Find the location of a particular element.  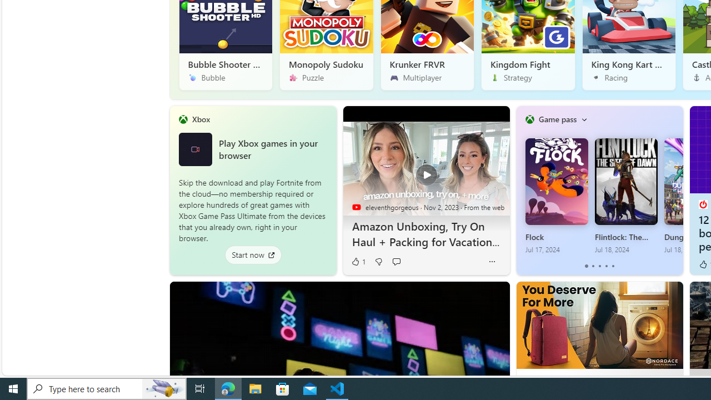

'1 Like' is located at coordinates (358, 262).